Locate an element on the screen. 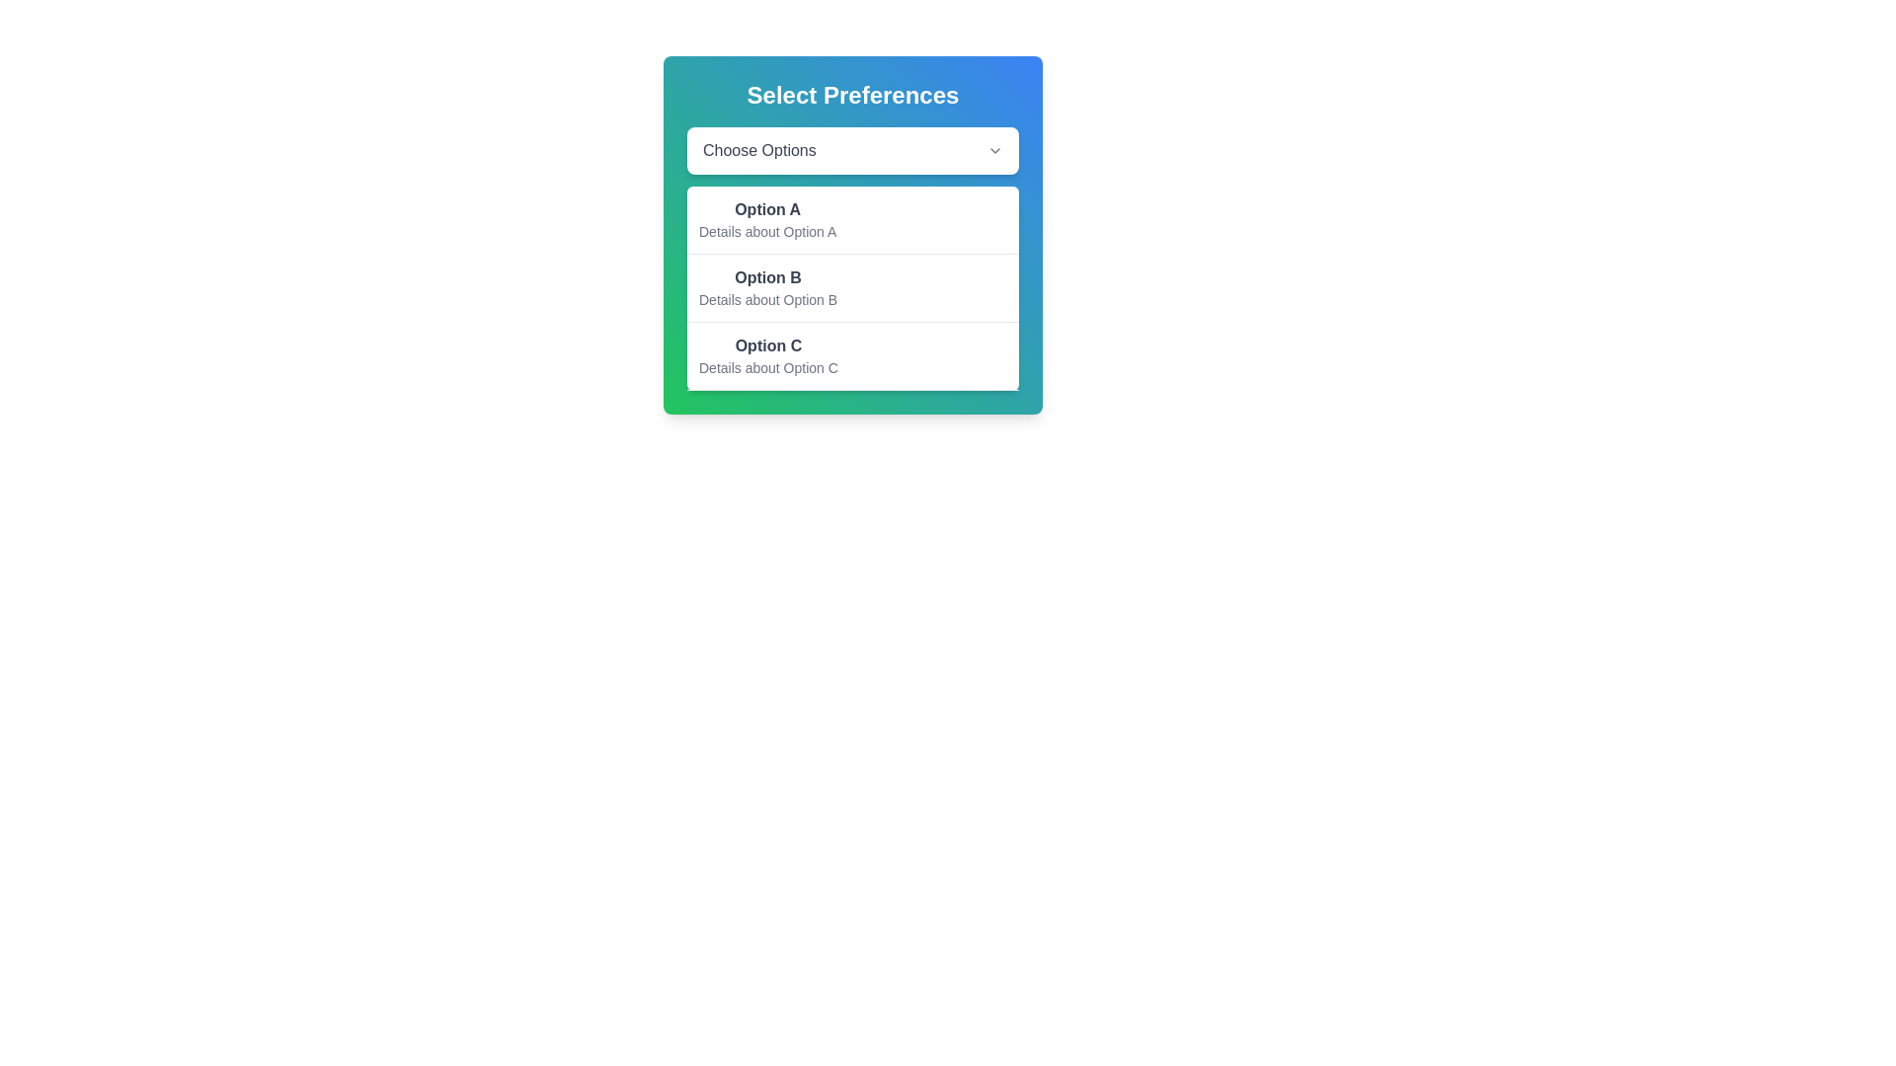 The width and height of the screenshot is (1896, 1066). the list item titled 'Option C' in the dropdown menu 'Select Preferences' is located at coordinates (767, 356).